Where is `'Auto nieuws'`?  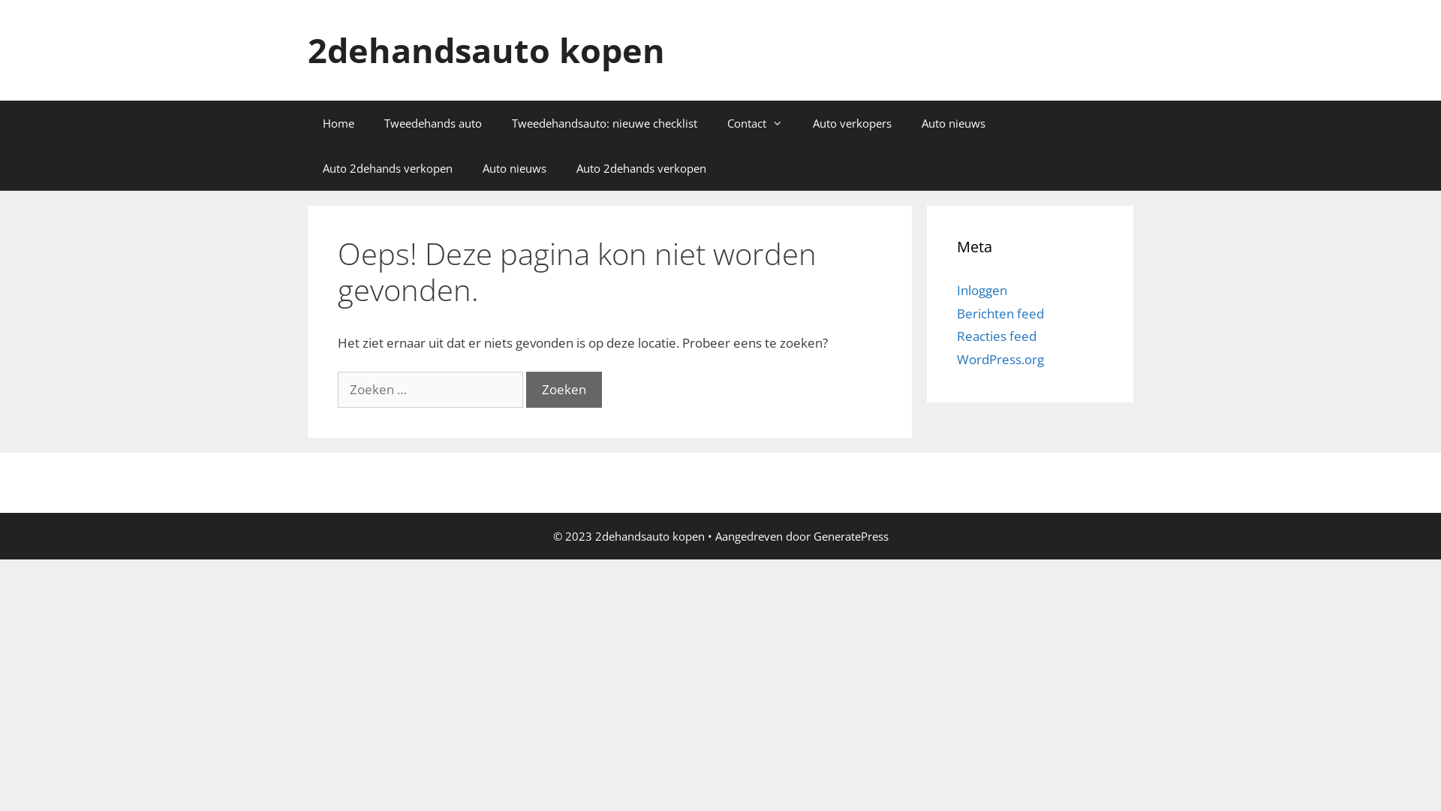 'Auto nieuws' is located at coordinates (514, 167).